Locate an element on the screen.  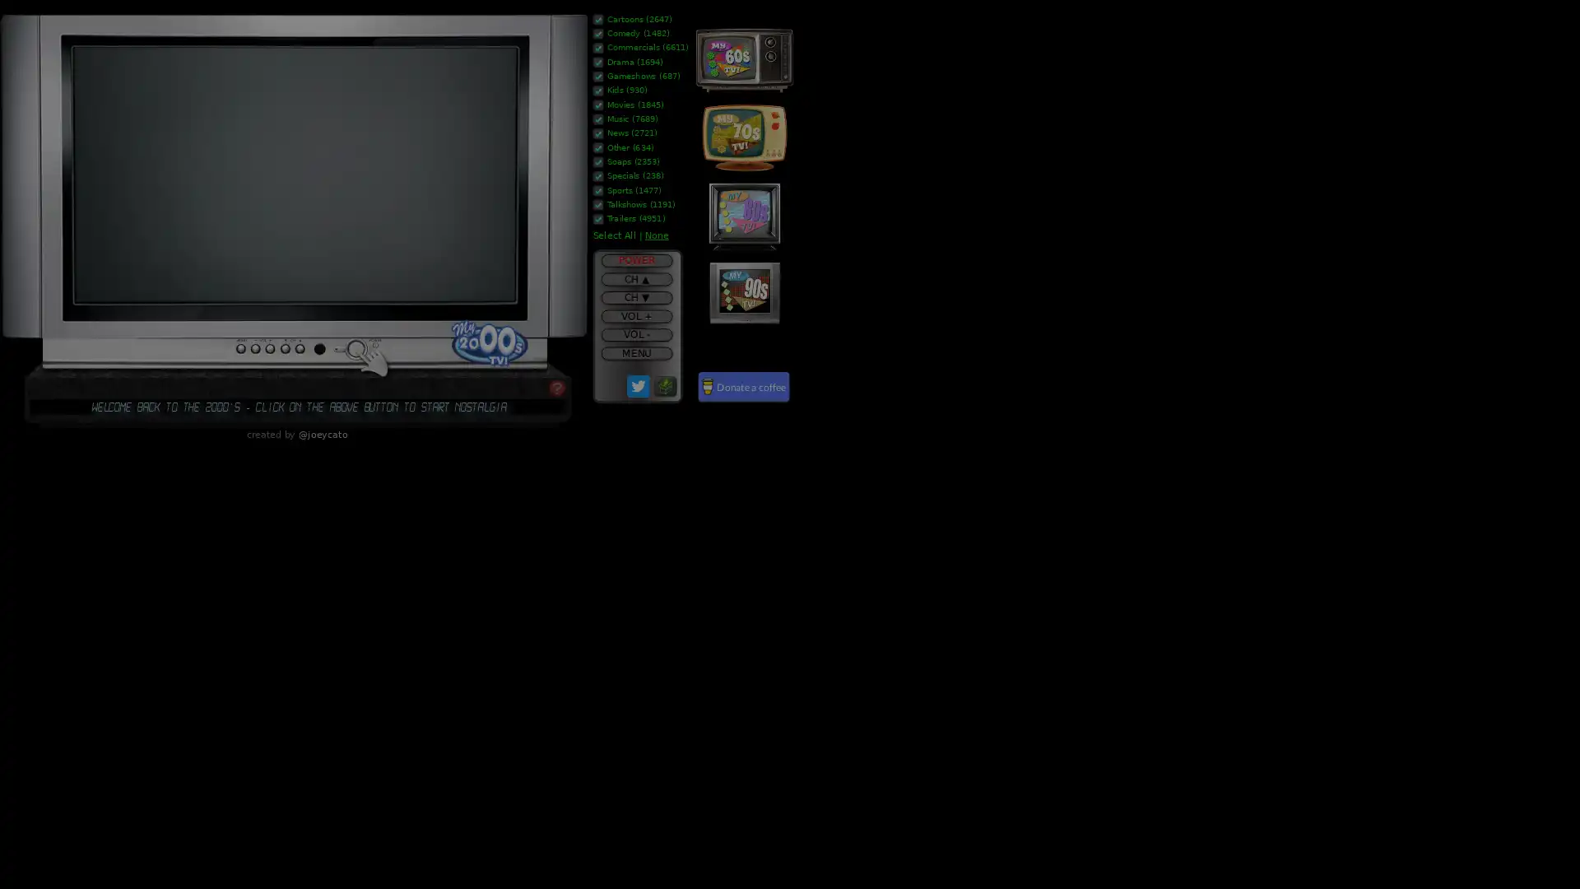
POWER is located at coordinates (635, 259).